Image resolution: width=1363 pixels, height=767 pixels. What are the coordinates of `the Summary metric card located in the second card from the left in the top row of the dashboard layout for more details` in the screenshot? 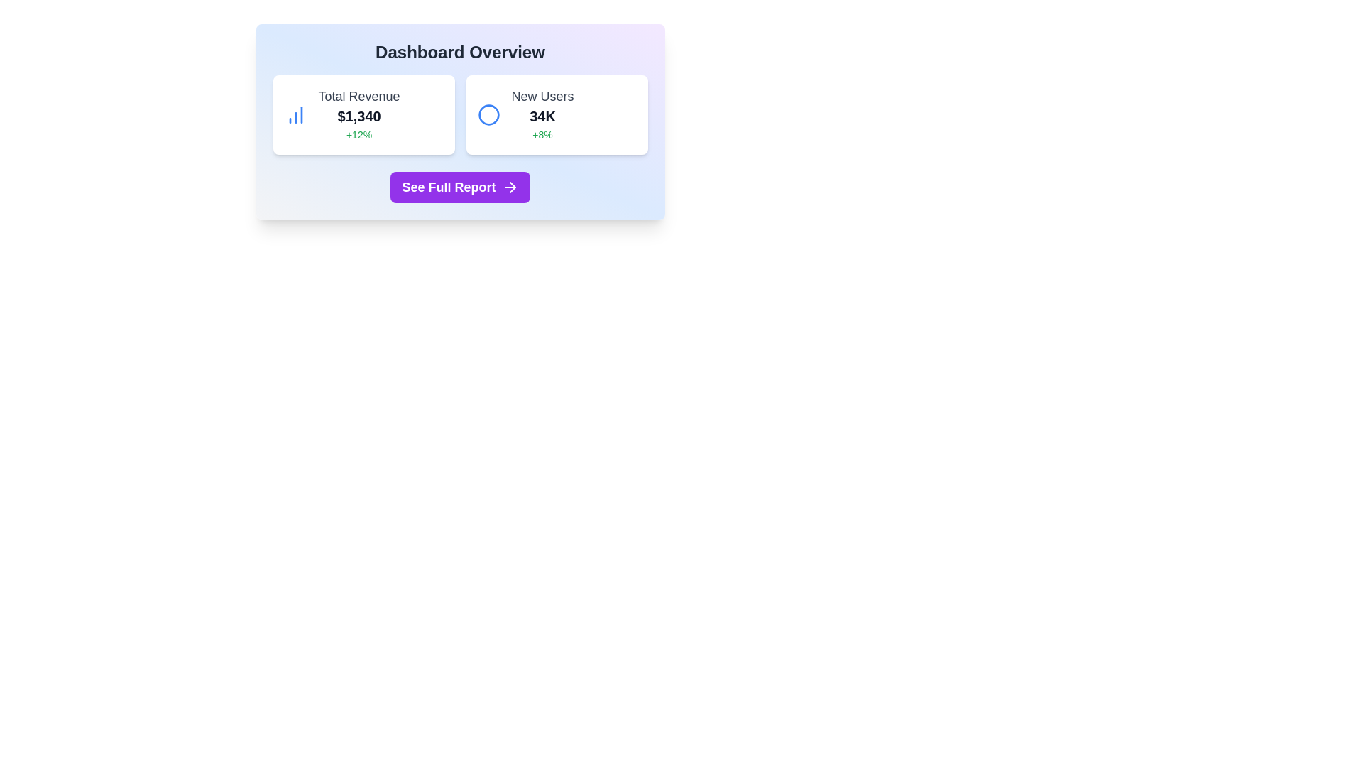 It's located at (542, 114).